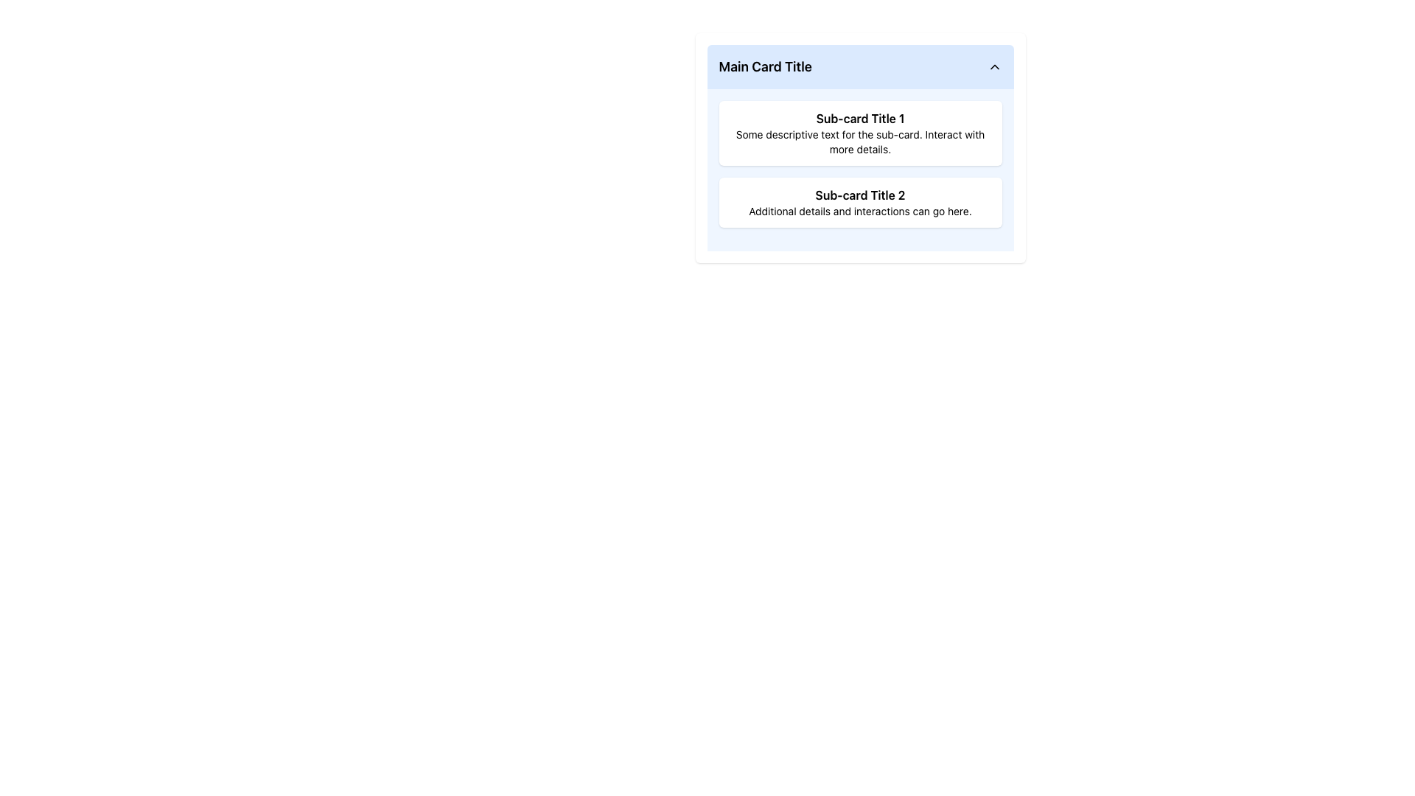 This screenshot has height=796, width=1415. What do you see at coordinates (765, 67) in the screenshot?
I see `text content of the bold text label displaying 'Main Card Title' on a blue background located in the upper section of a card layout` at bounding box center [765, 67].